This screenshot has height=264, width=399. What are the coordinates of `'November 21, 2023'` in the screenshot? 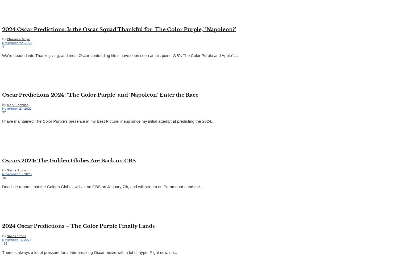 It's located at (2, 108).